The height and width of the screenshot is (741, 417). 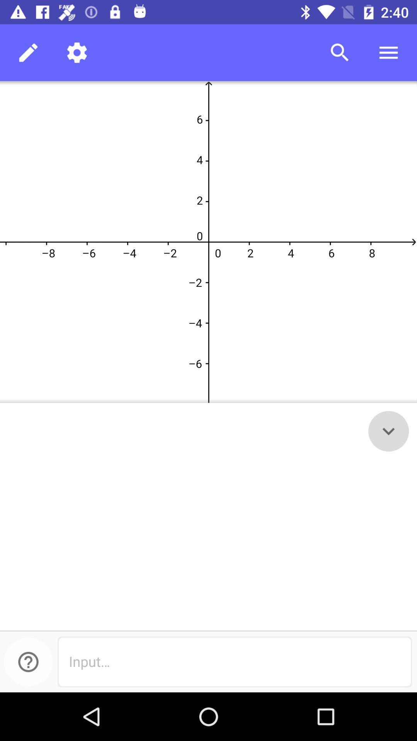 I want to click on the help icon, so click(x=28, y=661).